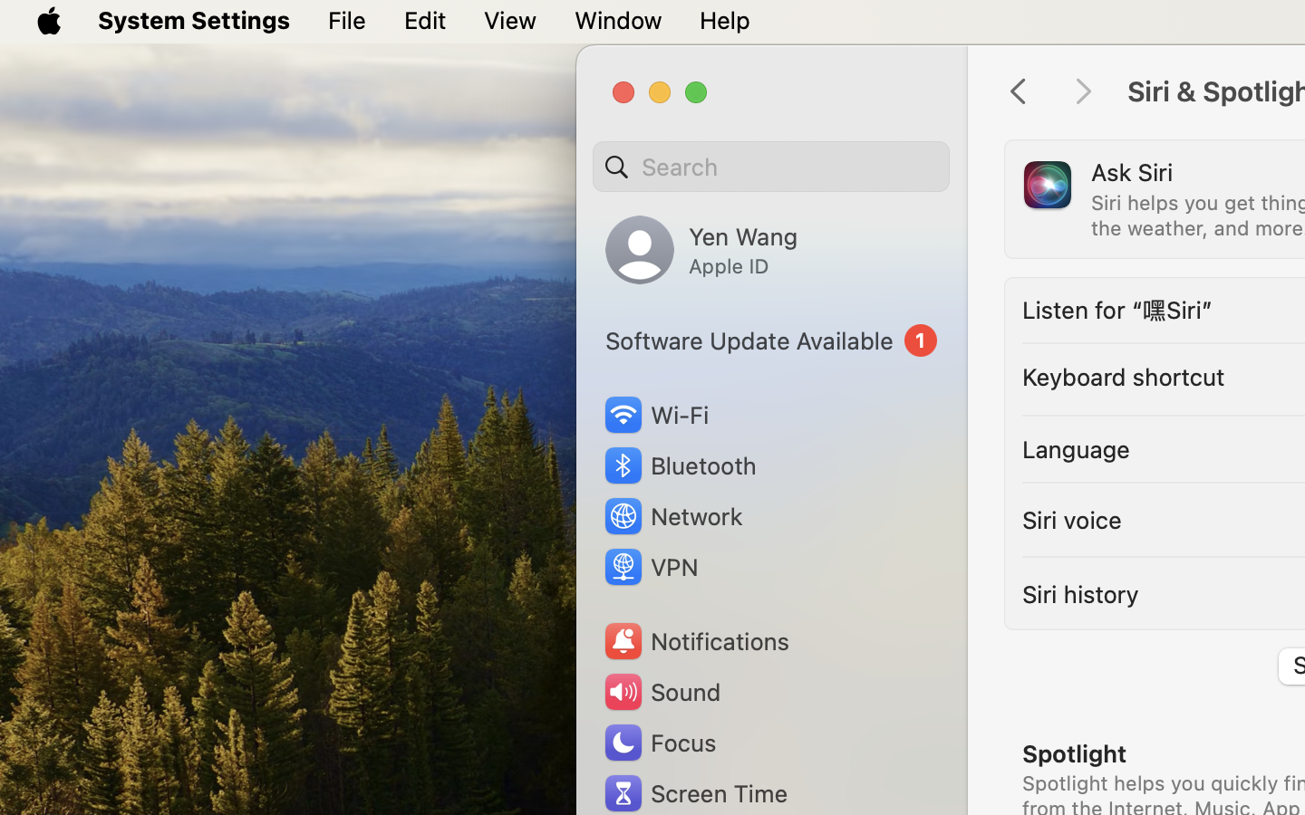  I want to click on 'Siri history', so click(1080, 594).